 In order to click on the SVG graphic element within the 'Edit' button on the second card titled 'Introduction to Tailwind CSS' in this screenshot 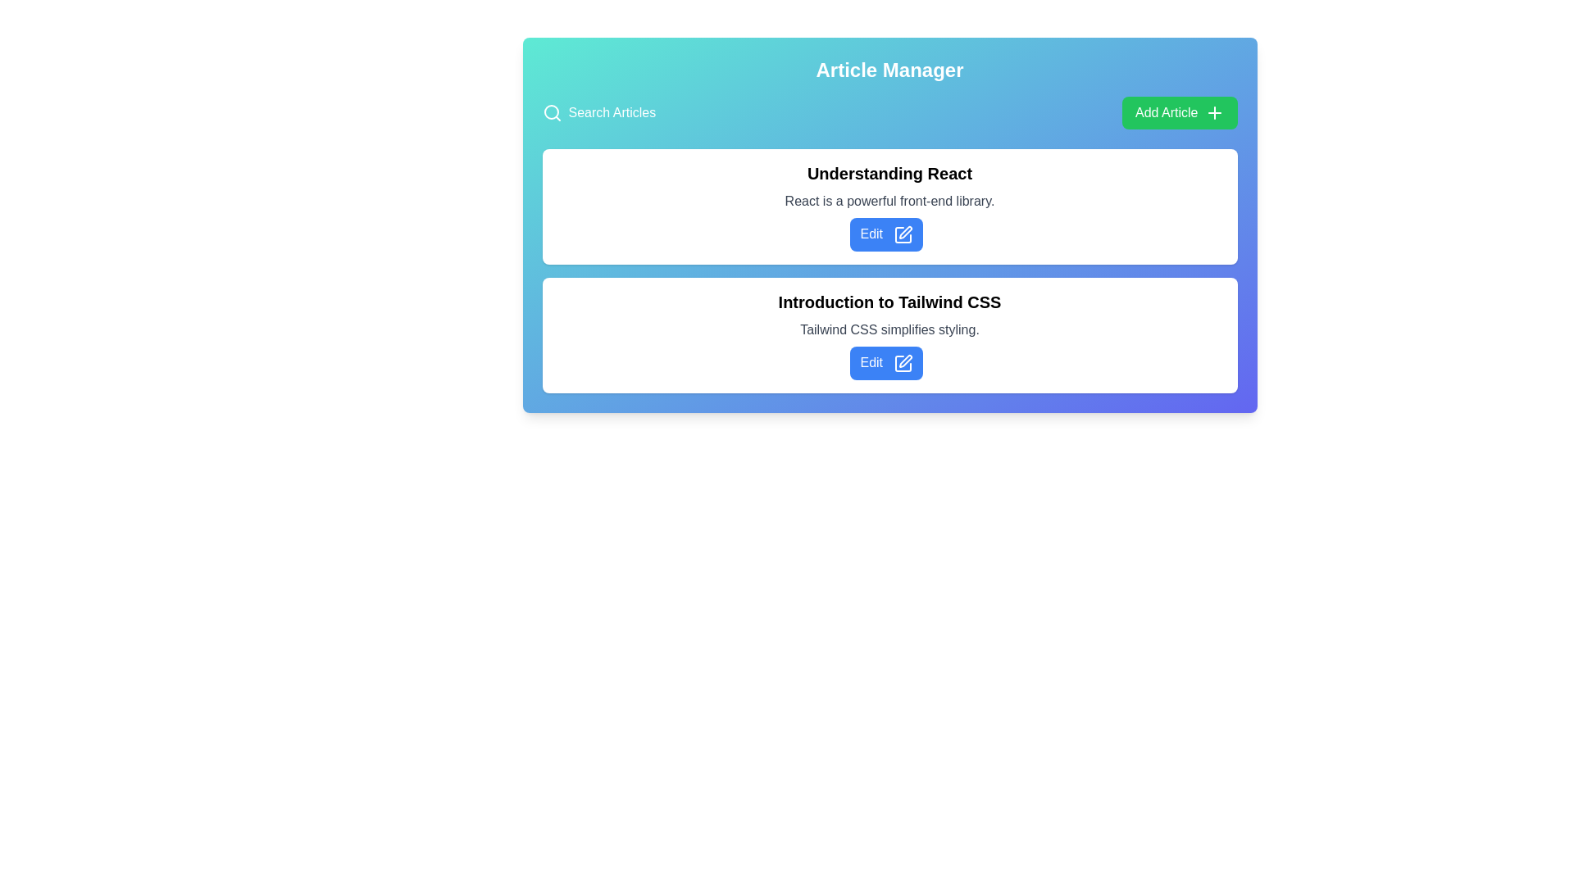, I will do `click(902, 362)`.